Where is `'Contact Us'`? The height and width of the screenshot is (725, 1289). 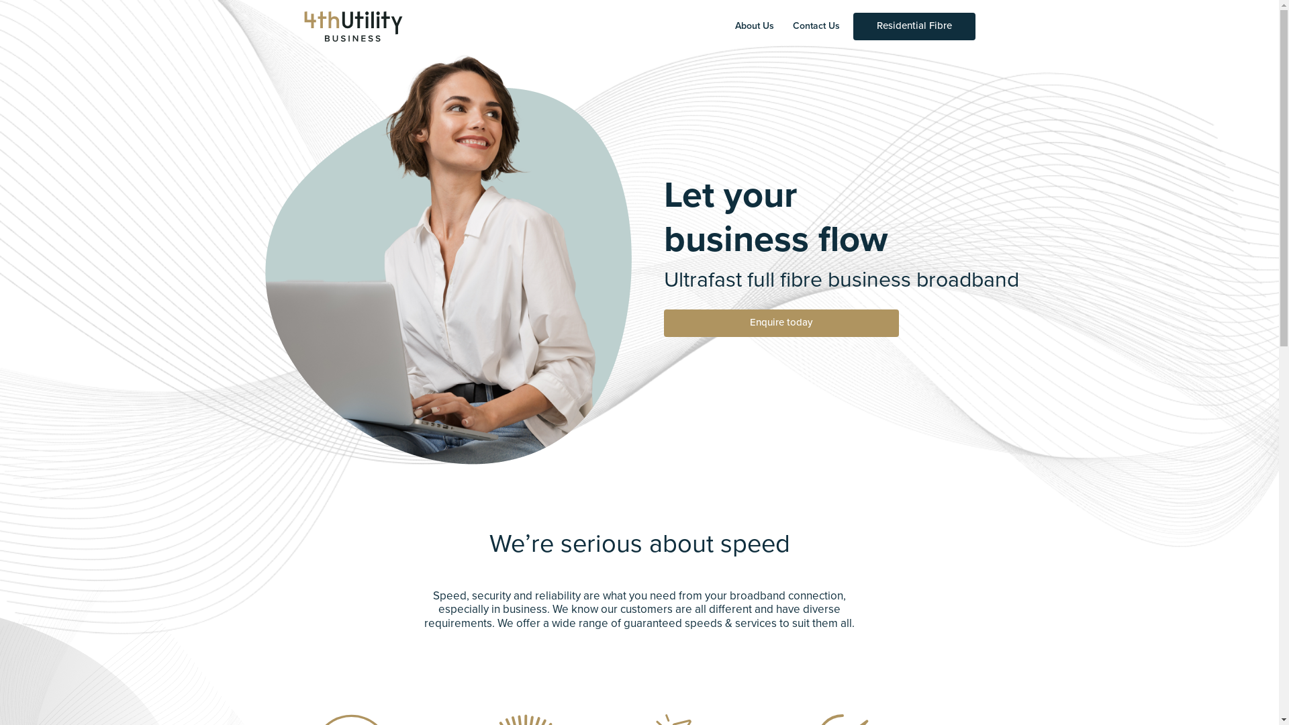 'Contact Us' is located at coordinates (815, 26).